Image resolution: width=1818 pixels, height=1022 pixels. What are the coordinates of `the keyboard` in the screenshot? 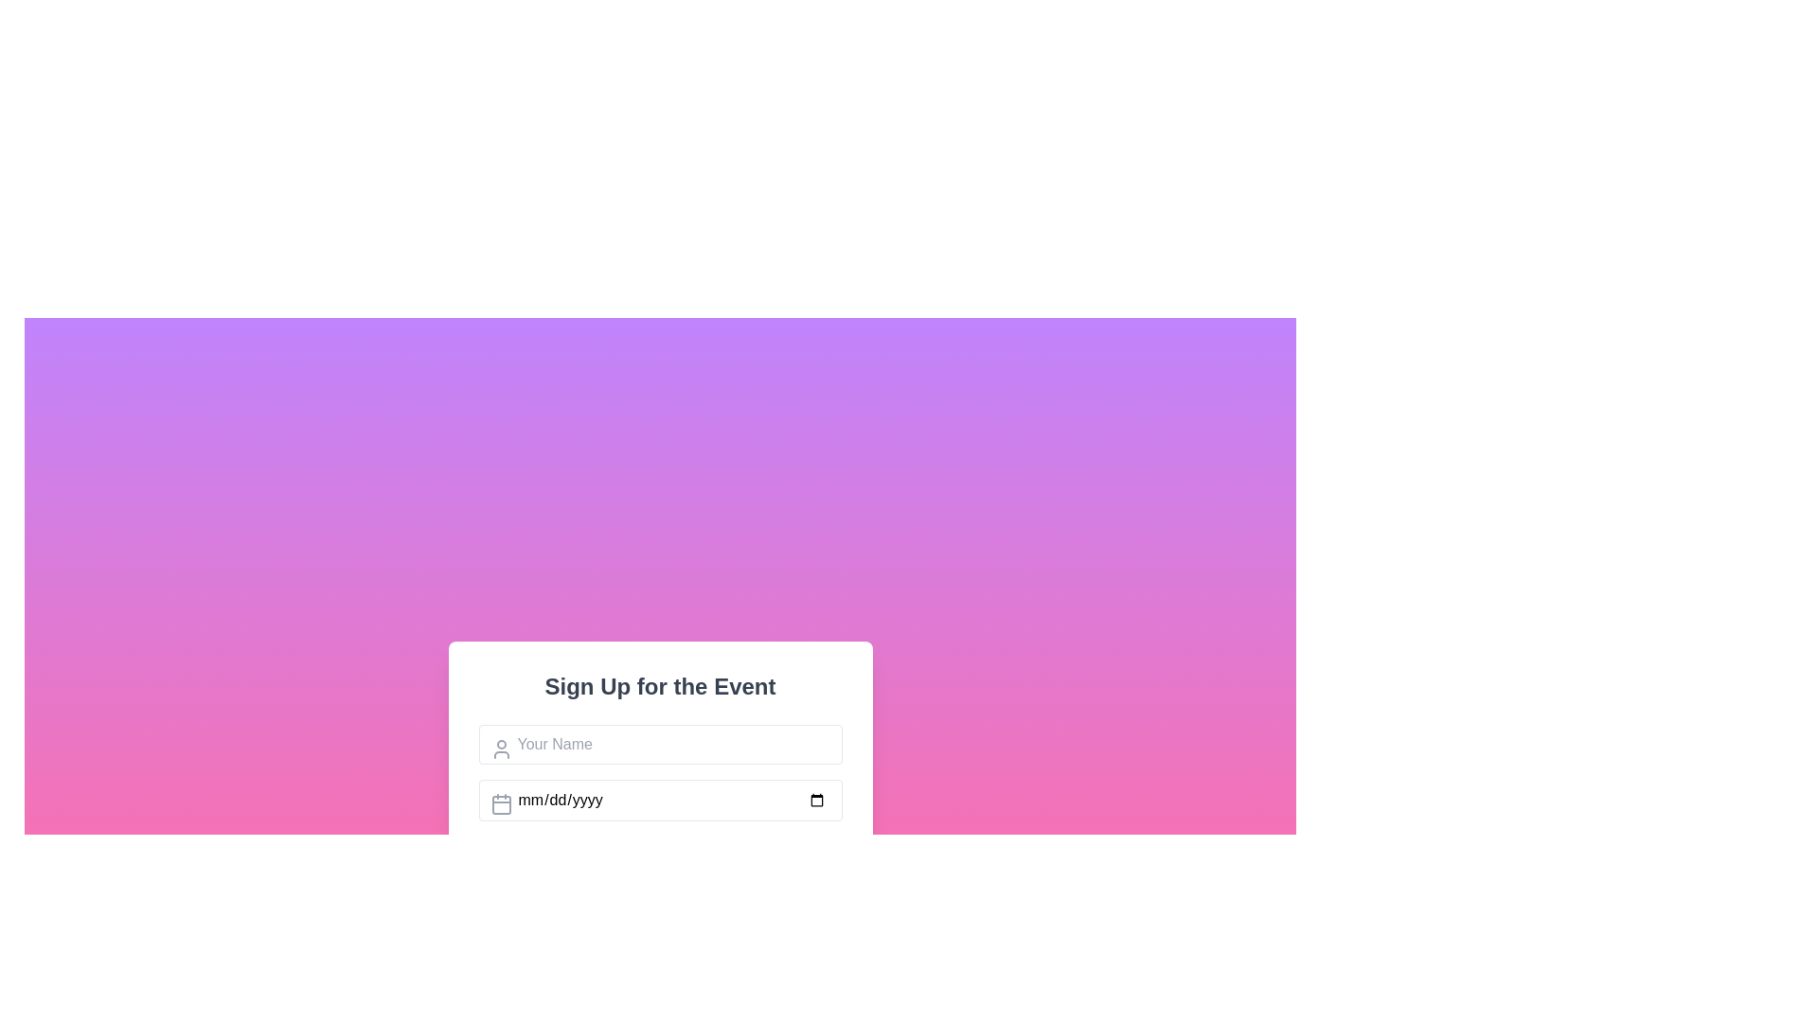 It's located at (660, 800).